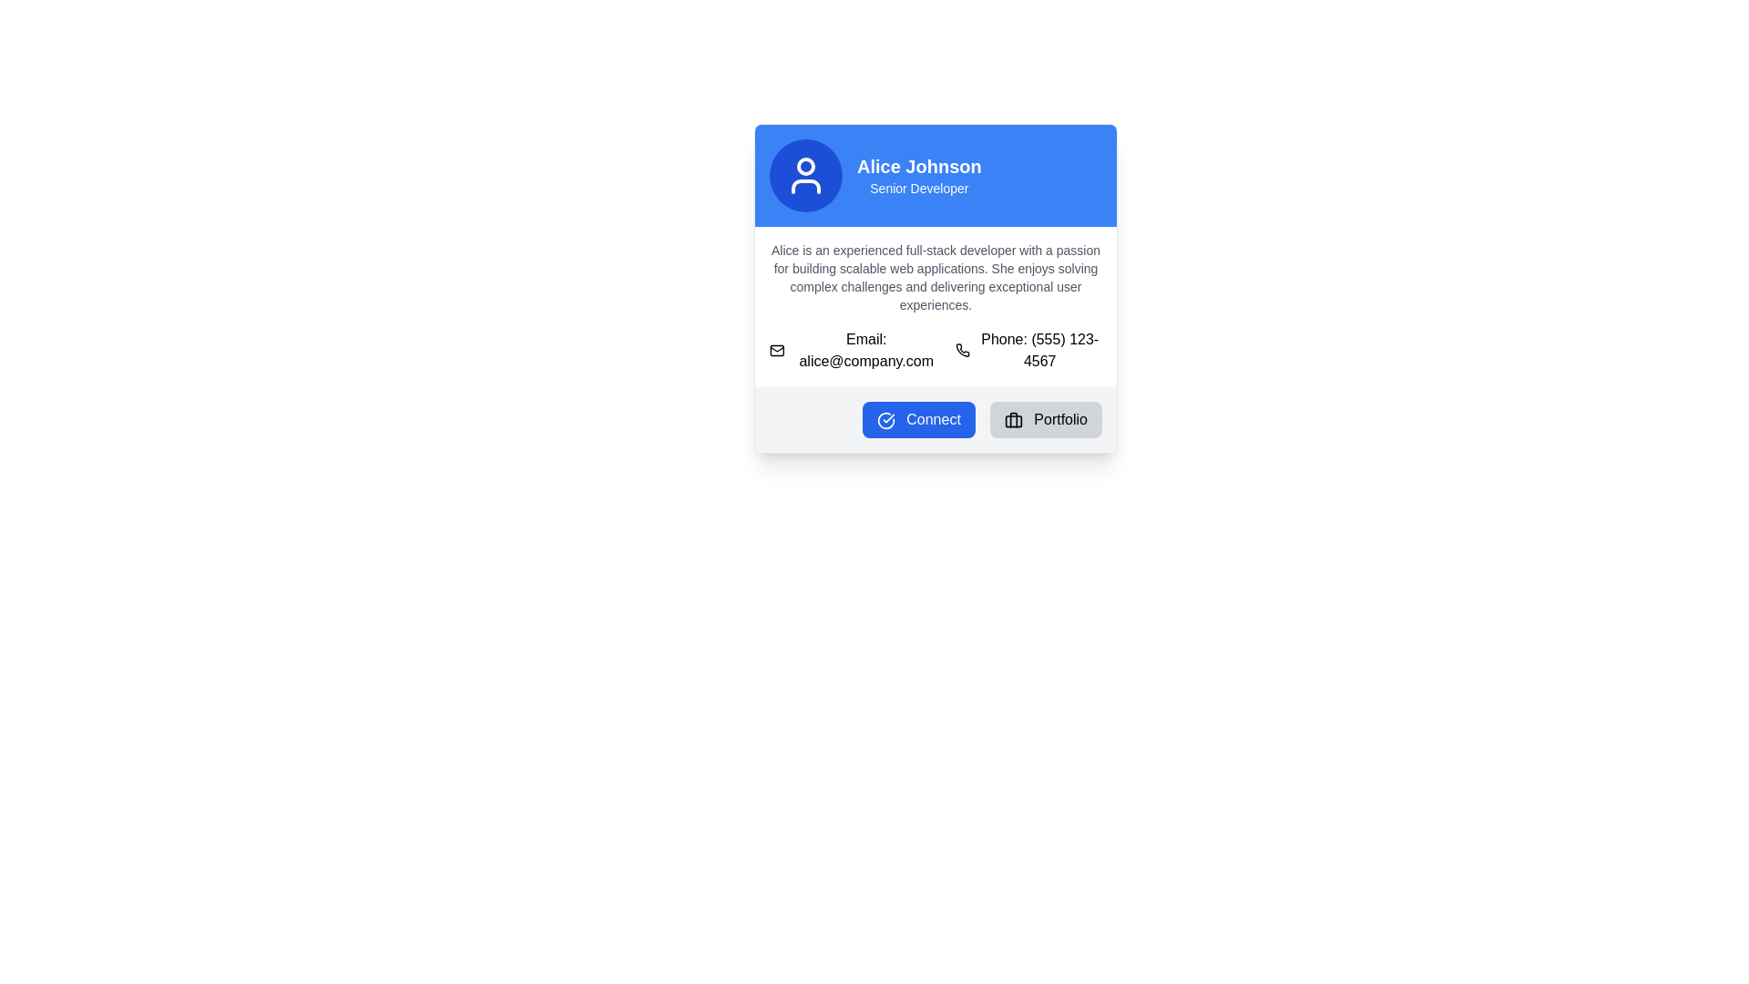  I want to click on text display element that contains 'Alice Johnson' and 'Senior Developer' on a blue background, located in the upper section of a card-like component, so click(919, 175).